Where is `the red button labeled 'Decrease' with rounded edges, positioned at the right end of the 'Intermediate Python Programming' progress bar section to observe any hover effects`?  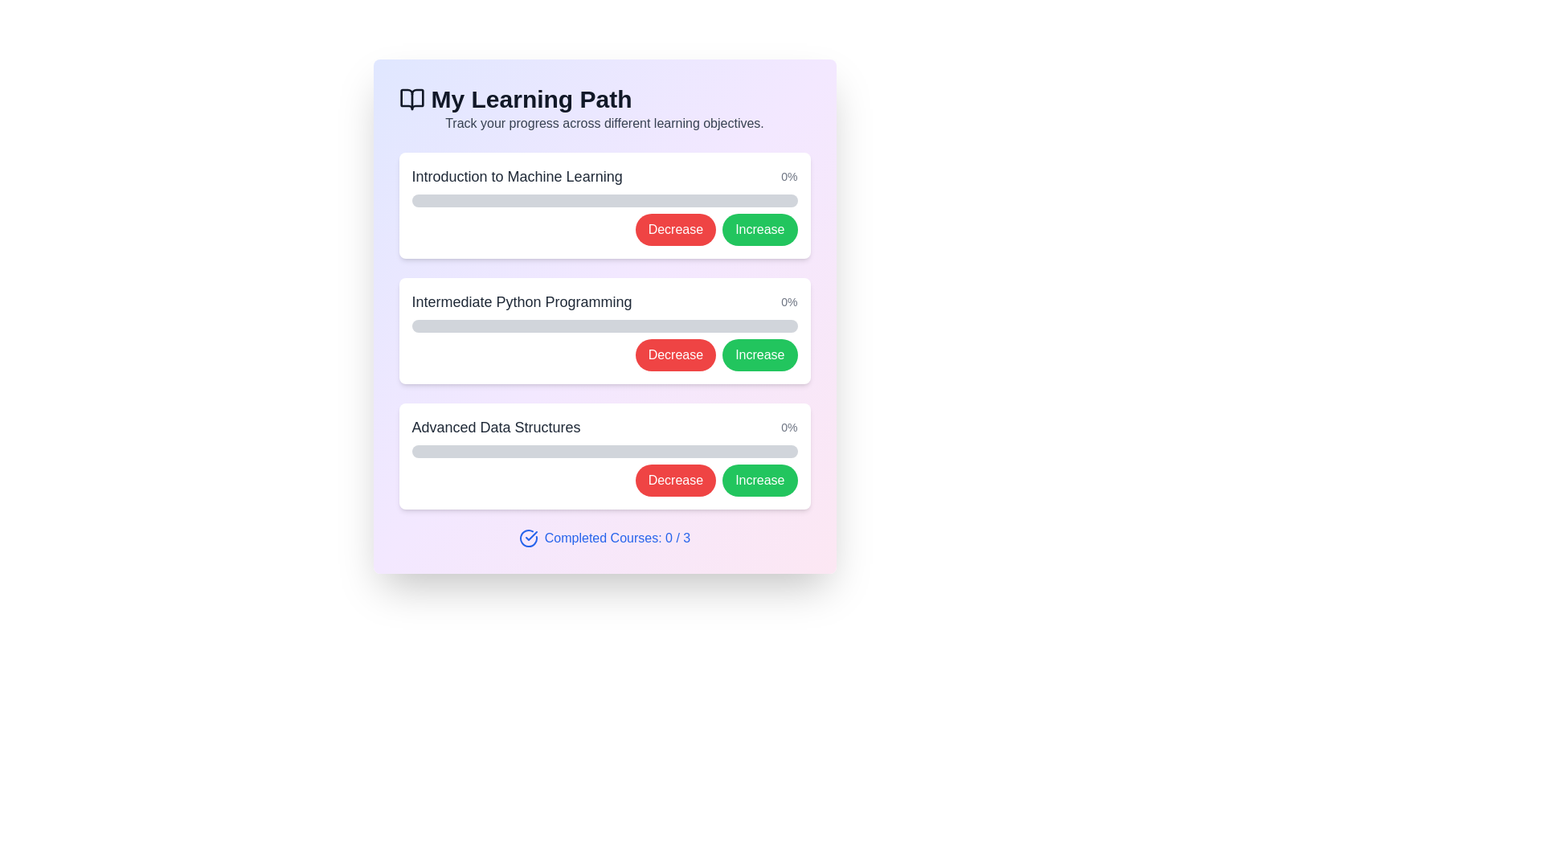
the red button labeled 'Decrease' with rounded edges, positioned at the right end of the 'Intermediate Python Programming' progress bar section to observe any hover effects is located at coordinates (675, 354).